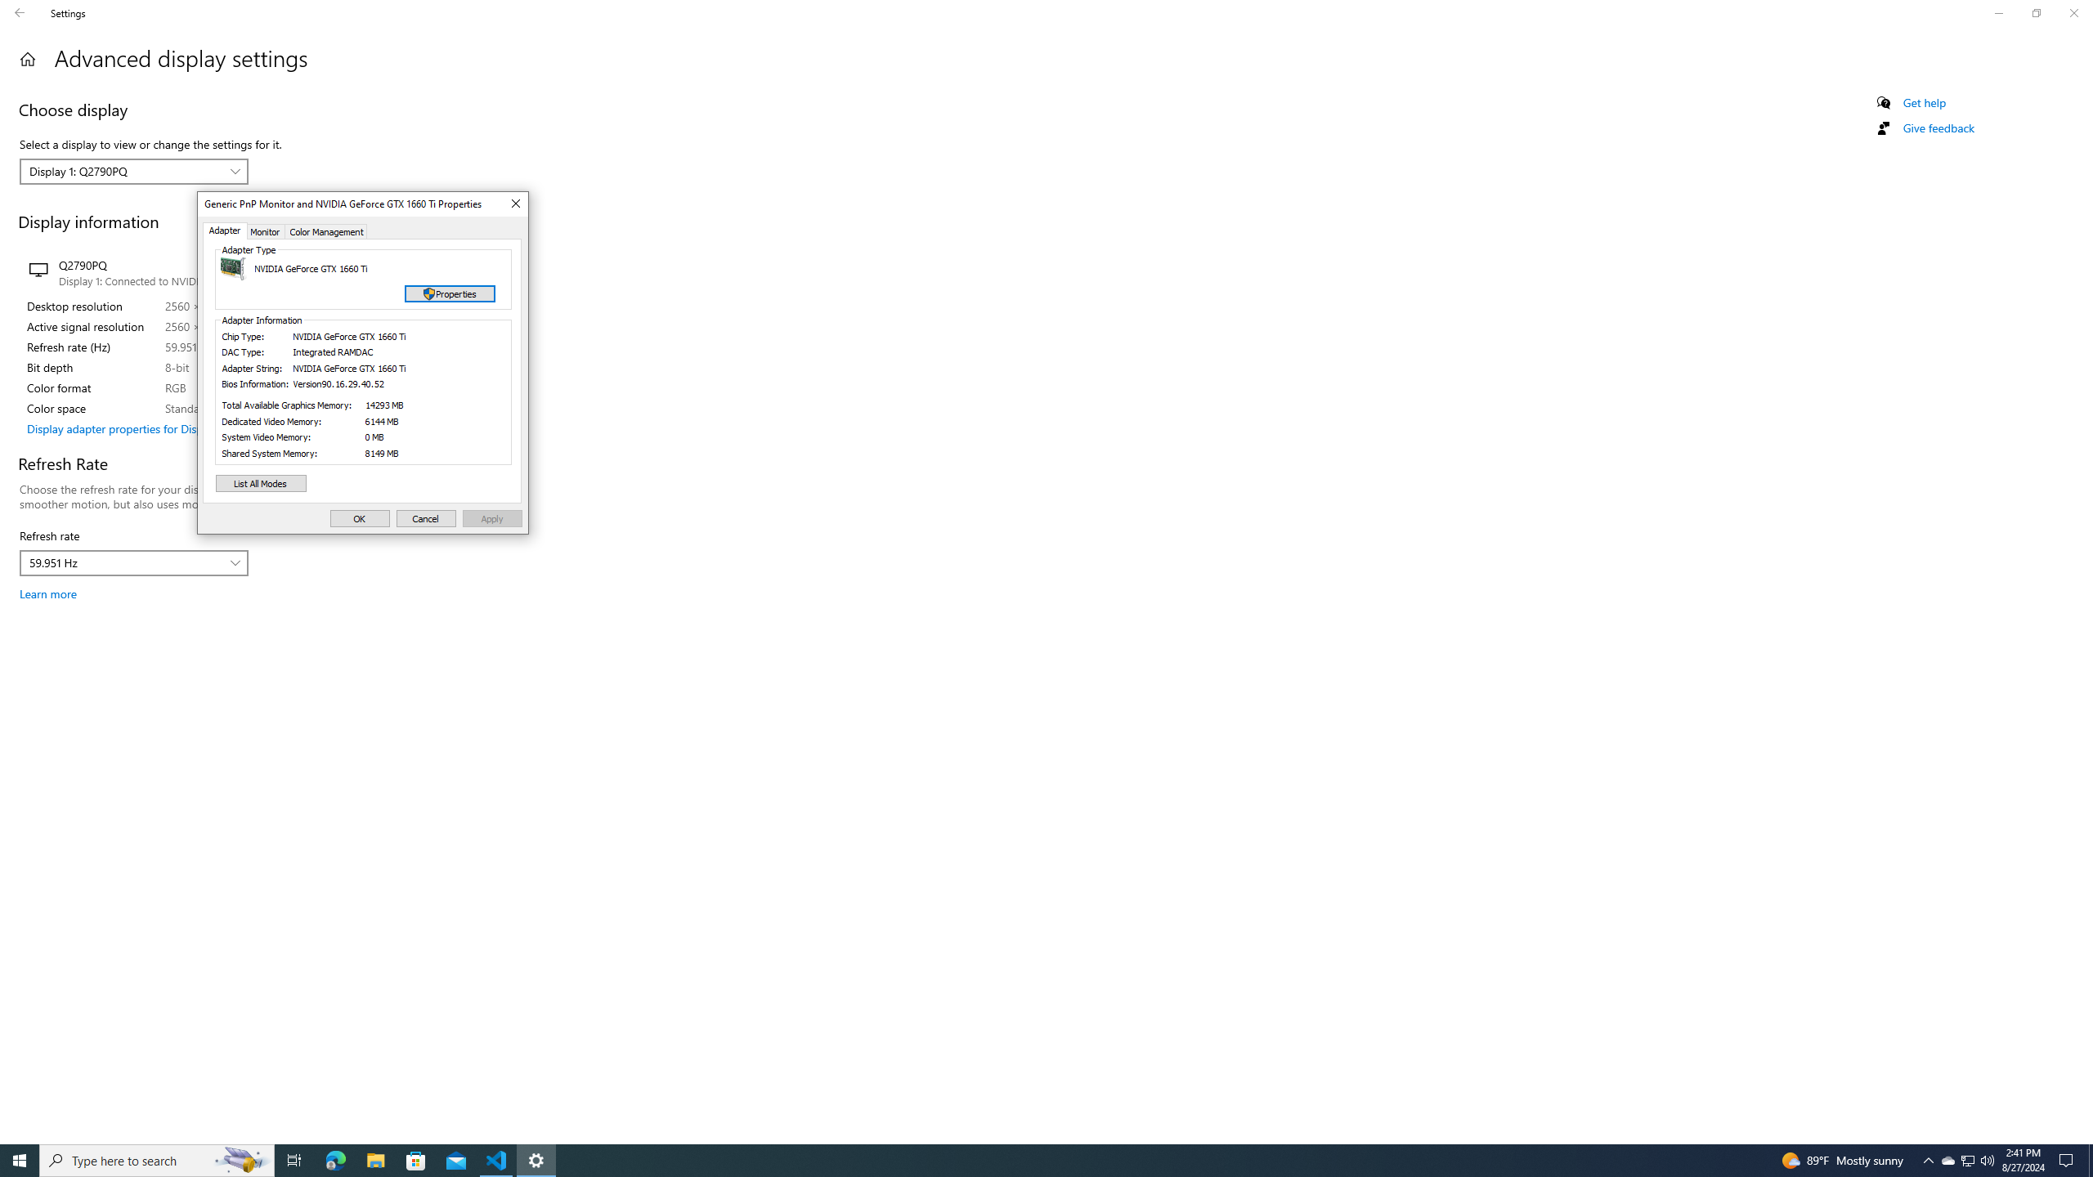  I want to click on 'Properties', so click(450, 294).